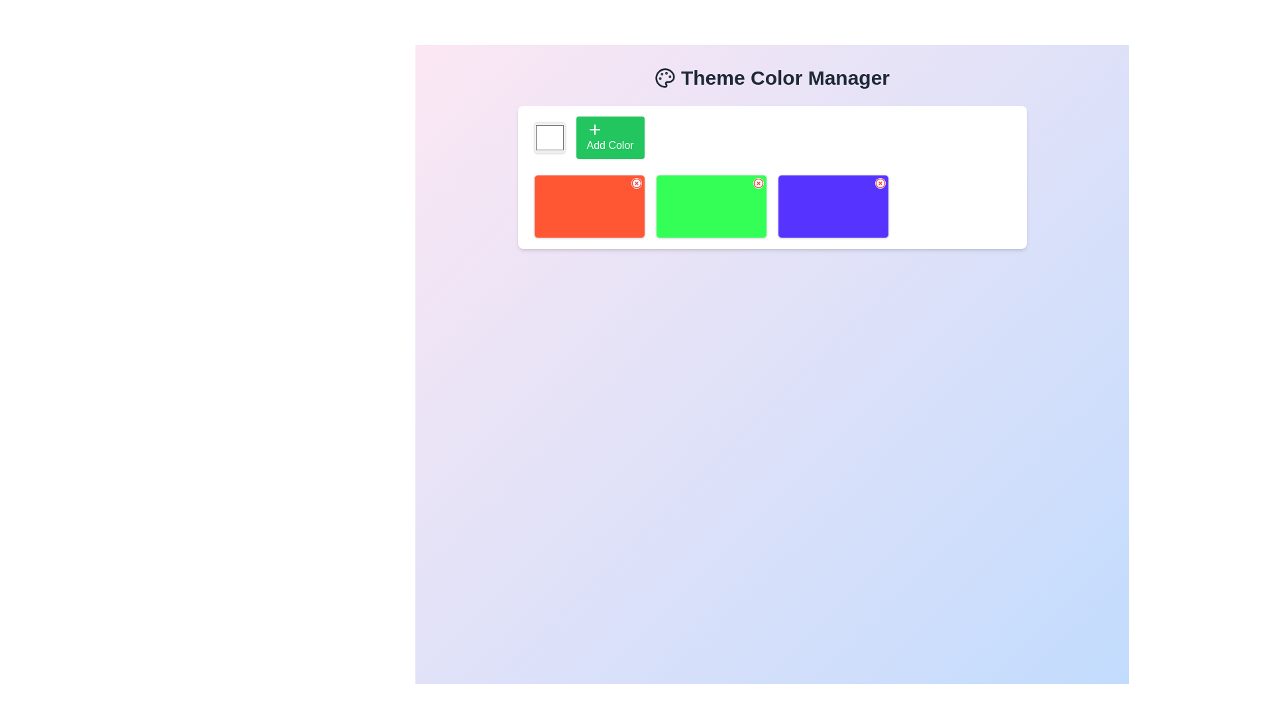 The width and height of the screenshot is (1272, 715). I want to click on the small rounded button with a white background and red border that contains a faint red 'X' icon, so click(880, 183).